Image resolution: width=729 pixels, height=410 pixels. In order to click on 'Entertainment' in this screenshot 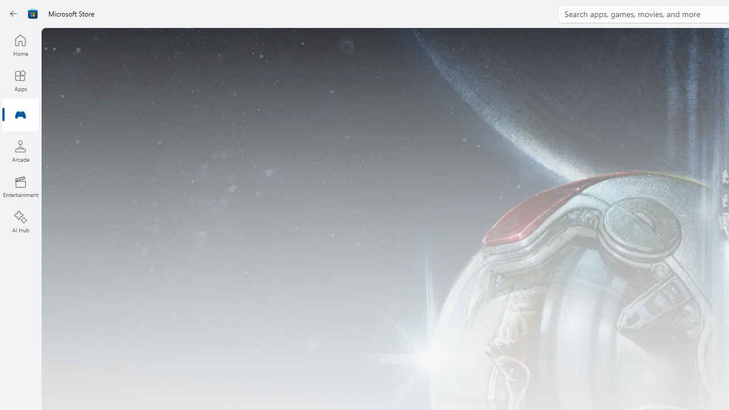, I will do `click(20, 186)`.